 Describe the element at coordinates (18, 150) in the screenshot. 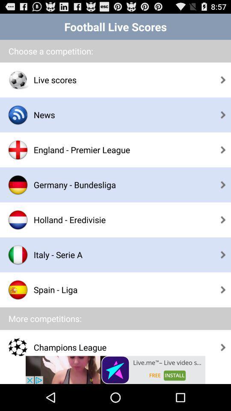

I see `the mini image on the left side to englandpremier league` at that location.